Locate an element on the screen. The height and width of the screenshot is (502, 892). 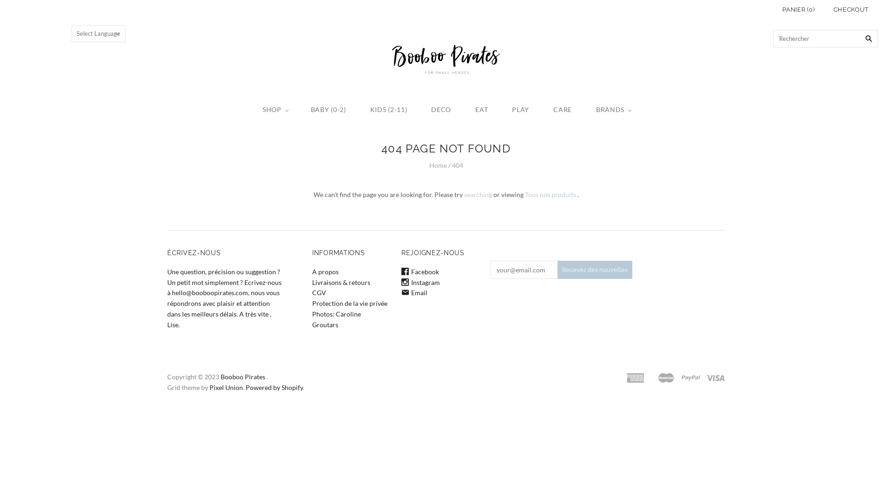
'BABY (0-2)' is located at coordinates (328, 109).